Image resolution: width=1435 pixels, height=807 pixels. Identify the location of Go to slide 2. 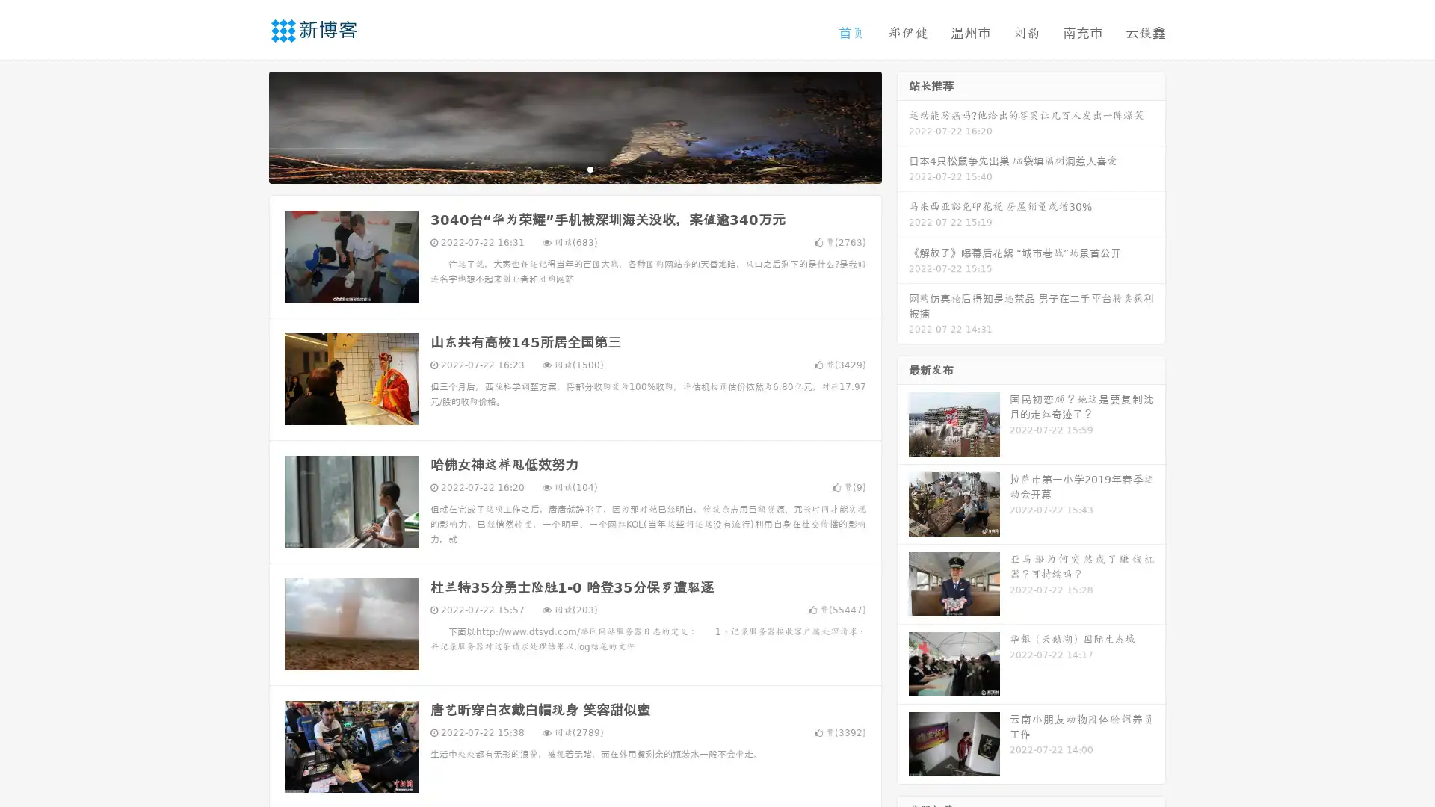
(574, 168).